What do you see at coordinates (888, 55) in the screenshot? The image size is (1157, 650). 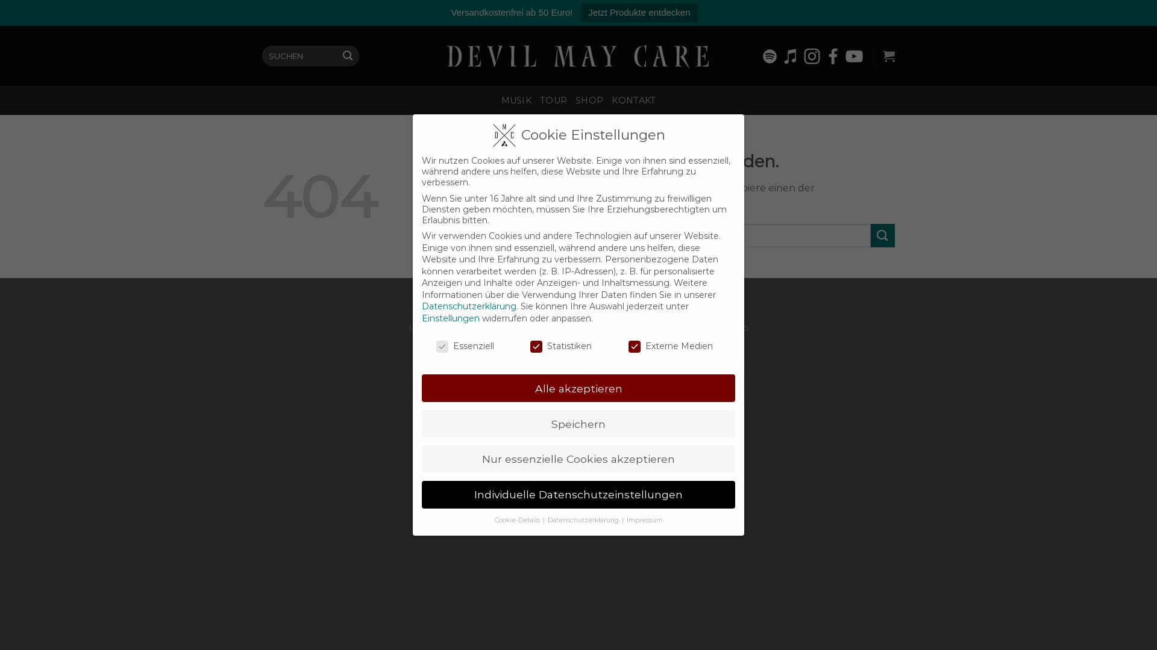 I see `'Warenkorb'` at bounding box center [888, 55].